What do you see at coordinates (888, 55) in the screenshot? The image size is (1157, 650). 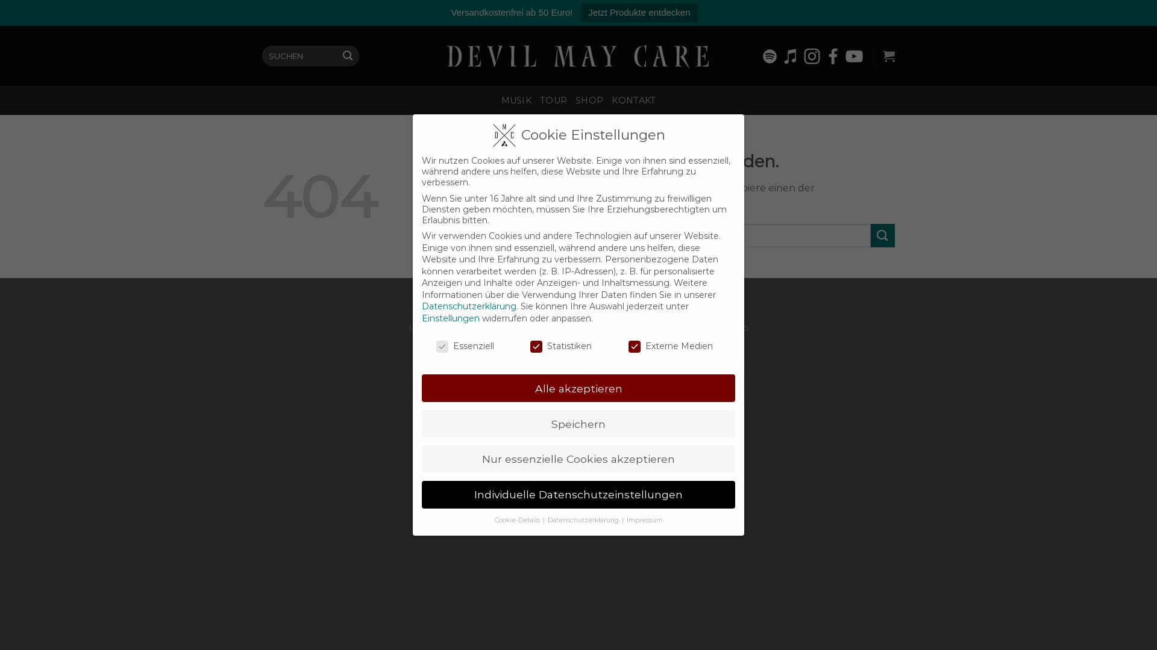 I see `'Warenkorb'` at bounding box center [888, 55].